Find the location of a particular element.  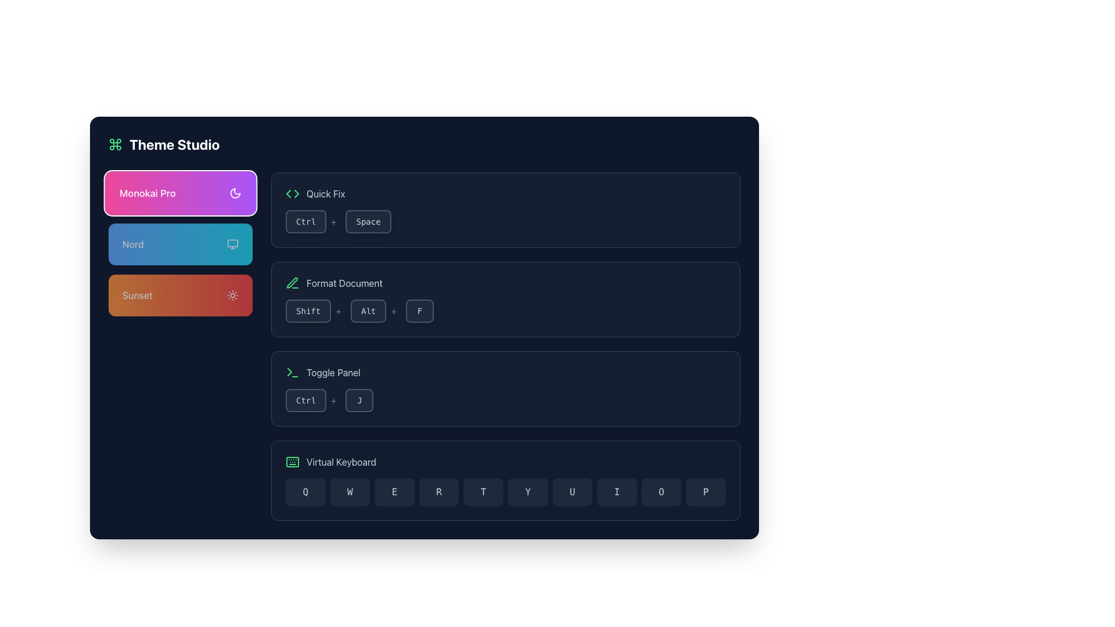

the static text label displaying 'Sunset' located in the left sidebar, which is the third item in a vertical stack and follows the 'Monokai Pro' and 'Nord' labels is located at coordinates (137, 295).